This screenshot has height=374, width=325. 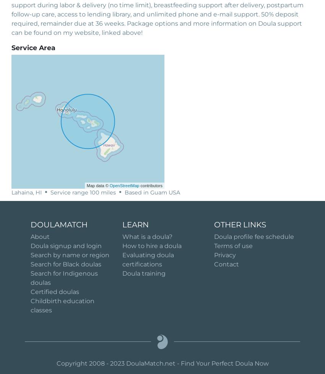 I want to click on 'Terms of use', so click(x=233, y=245).